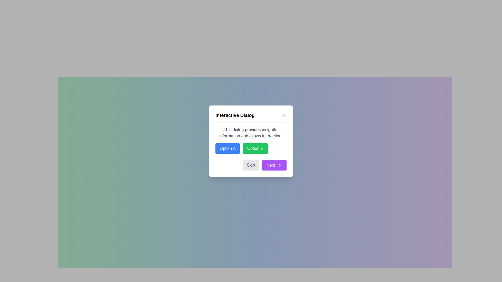  Describe the element at coordinates (251, 148) in the screenshot. I see `the button group containing two distinct buttons located below the descriptive text in the dialog box to observe style changes` at that location.